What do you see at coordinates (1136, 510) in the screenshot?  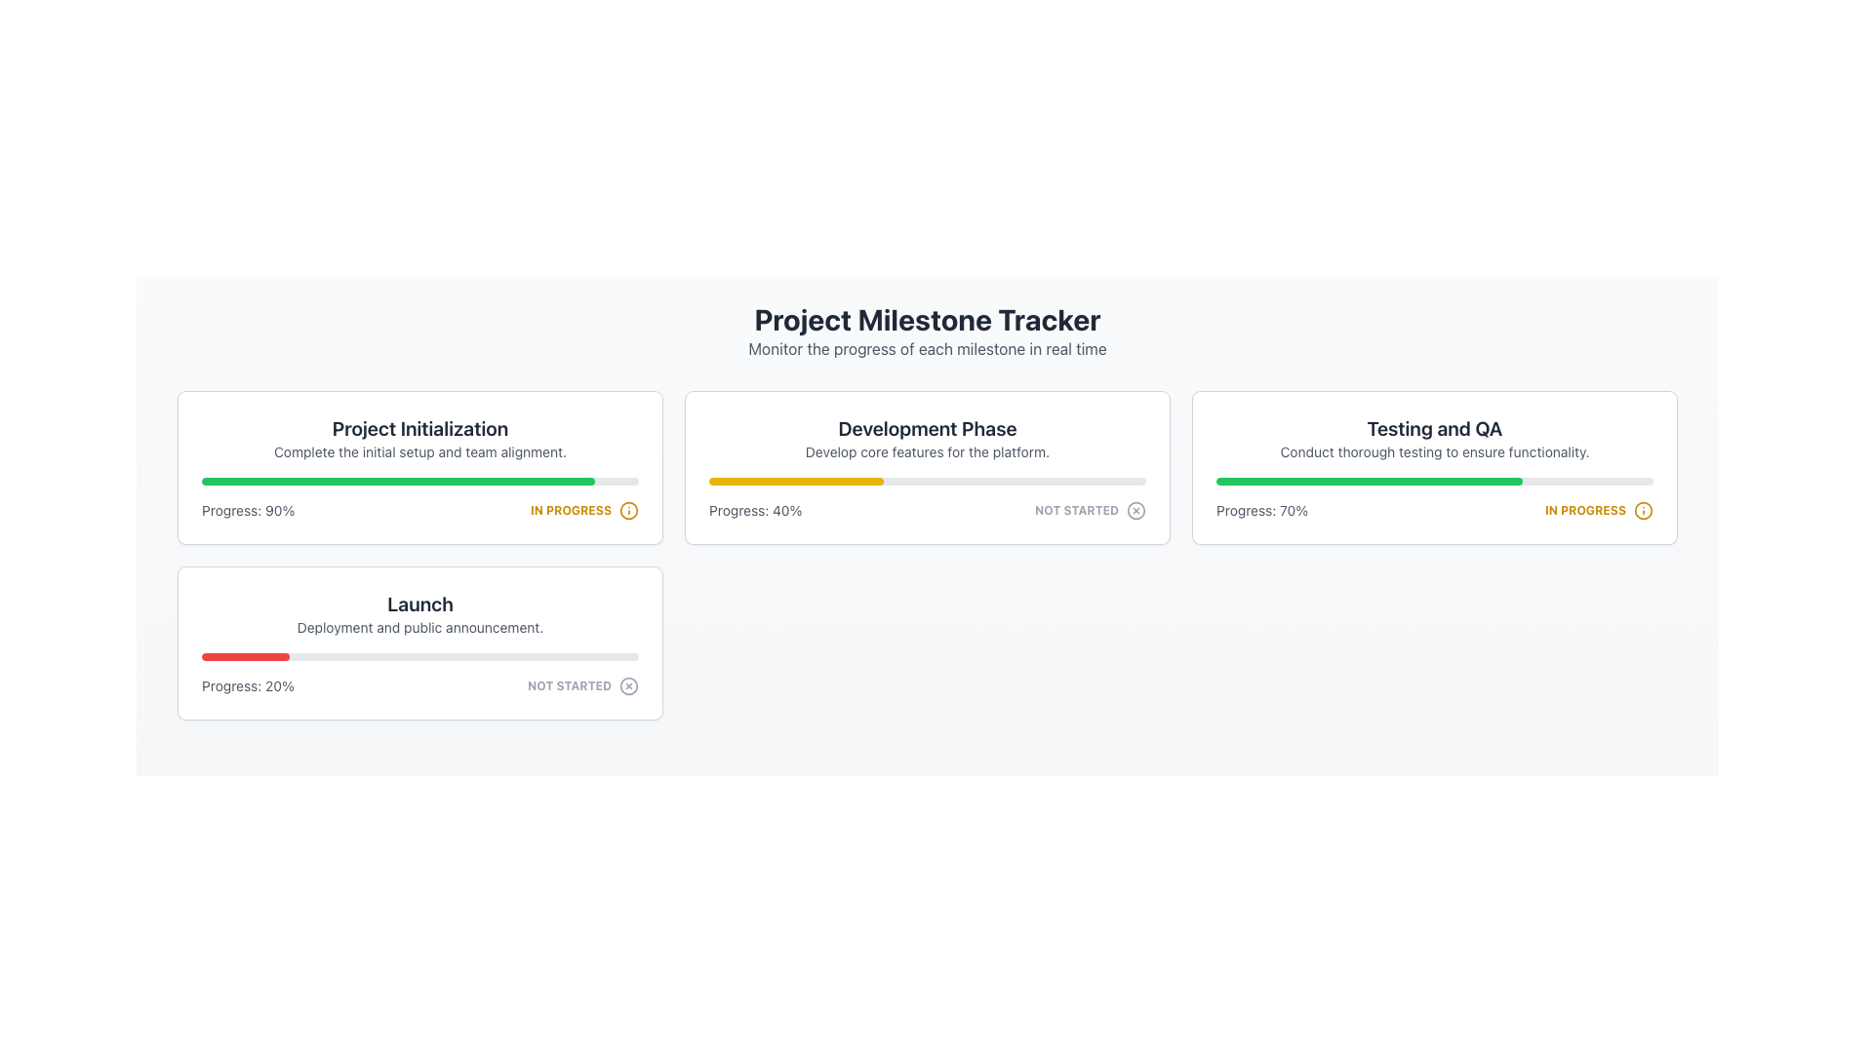 I see `the inactive status icon, which is represented by a circular outline within a crossed-out circle icon in the bottom right of the 'Development Phase' panel` at bounding box center [1136, 510].